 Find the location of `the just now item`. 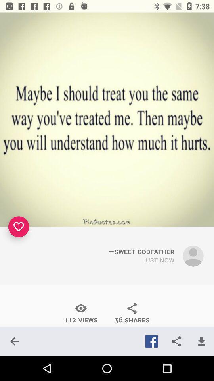

the just now item is located at coordinates (158, 260).